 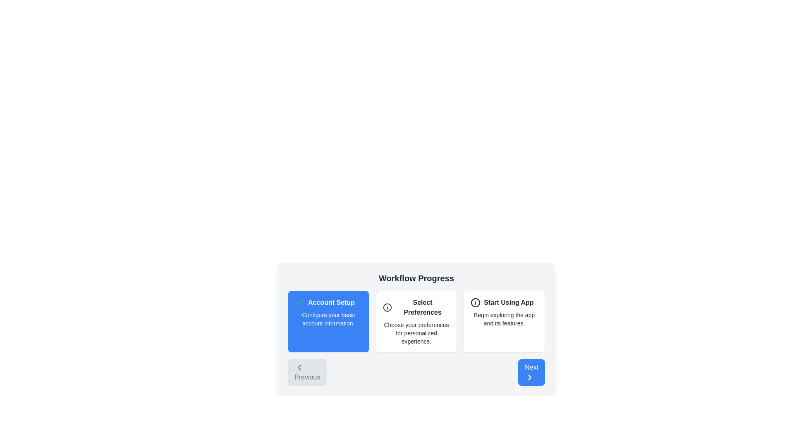 What do you see at coordinates (299, 367) in the screenshot?
I see `the left-pointing chevron icon, which is part of the 'Previous' button section located underneath the 'Account Setup' panel` at bounding box center [299, 367].